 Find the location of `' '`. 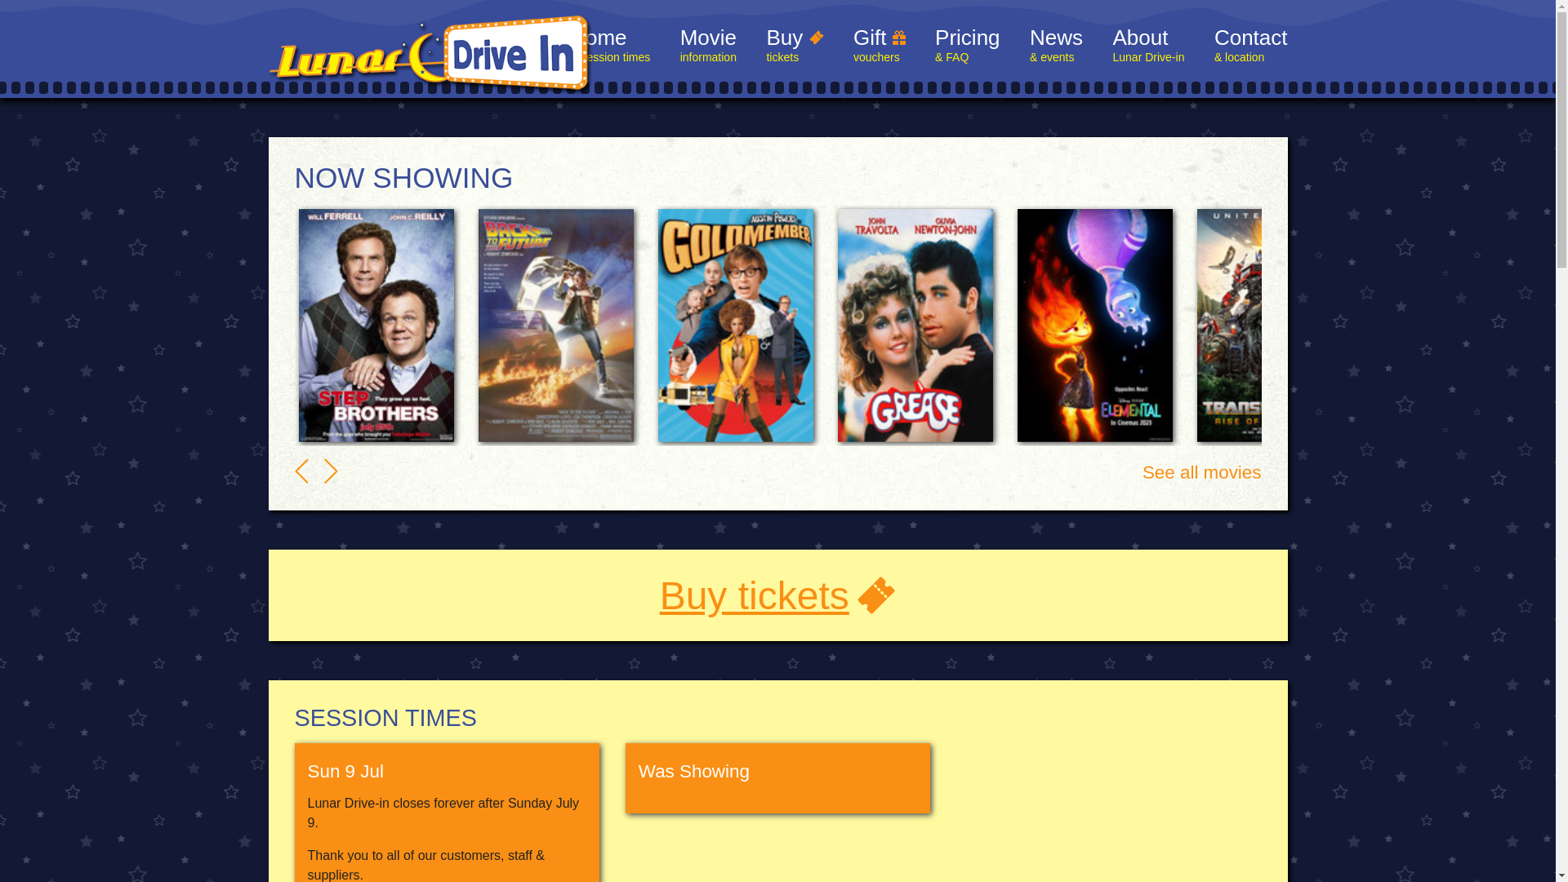

' ' is located at coordinates (301, 471).